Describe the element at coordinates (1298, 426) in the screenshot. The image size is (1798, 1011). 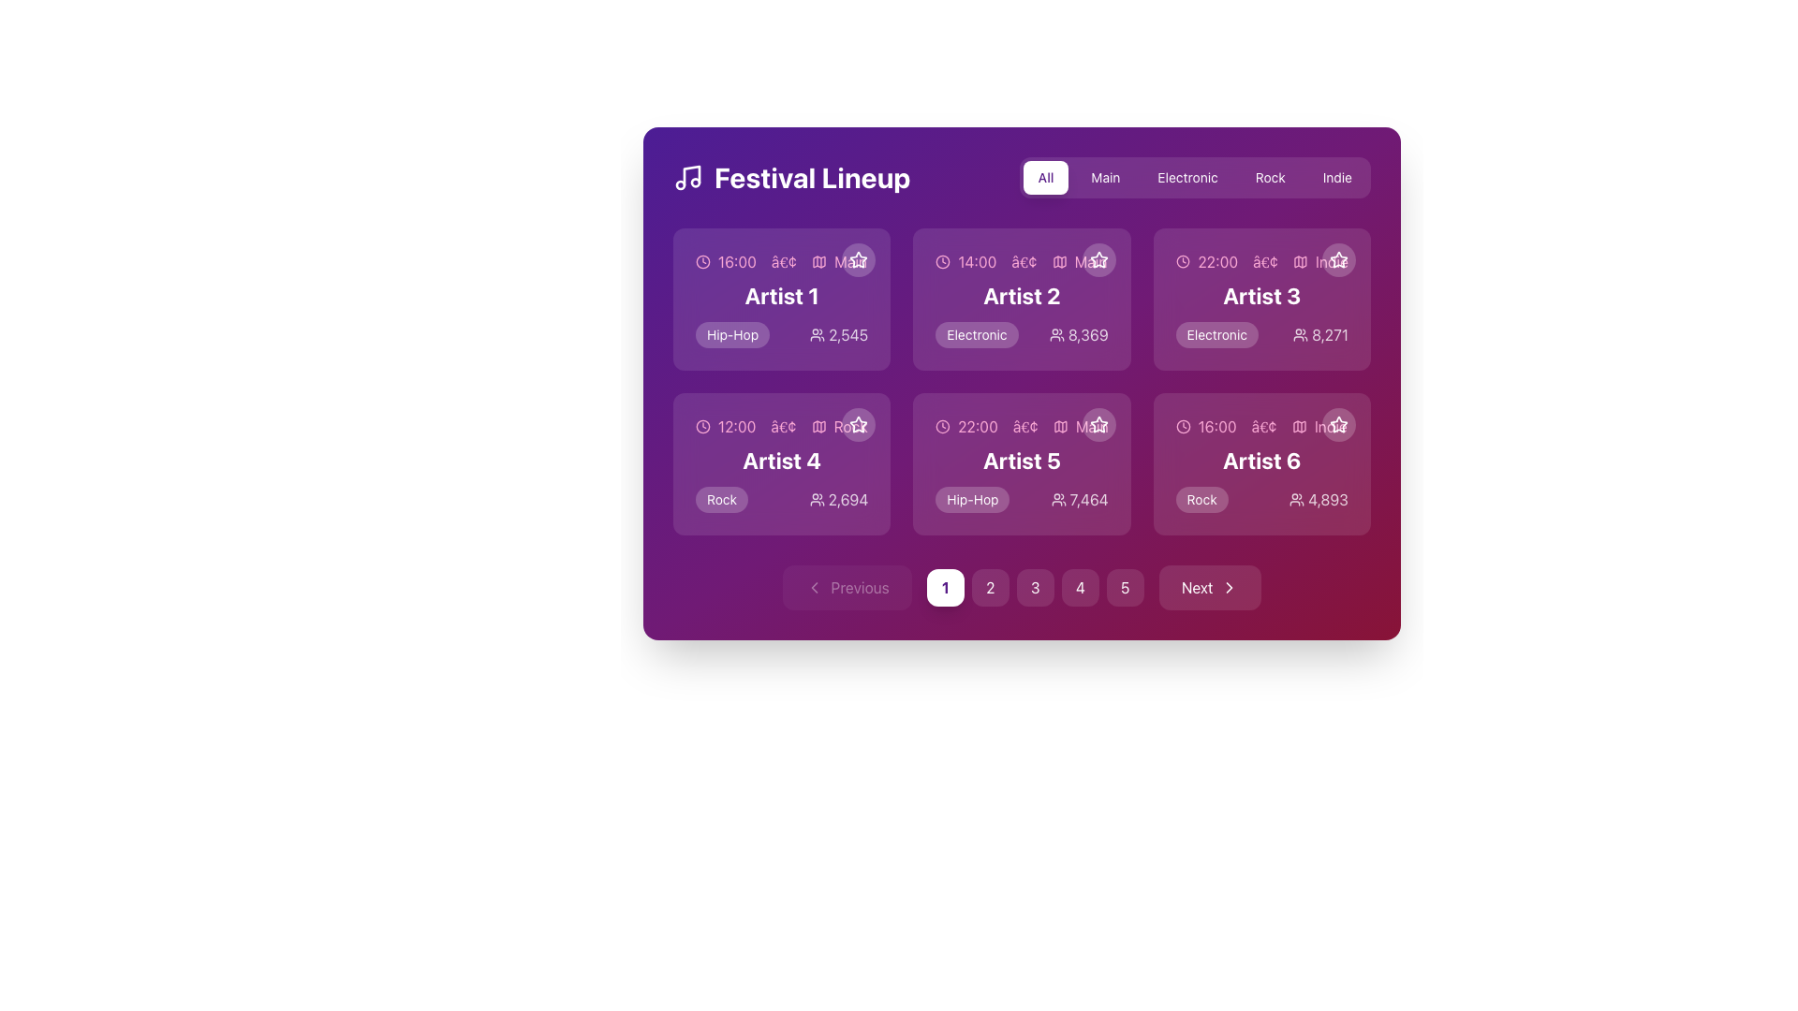
I see `the graphical representation of the Map Icon, which is a minimalistic vector graphic located at the bottom right of the 'Artist 6' card, positioned to the right of a bullet point and before the 'Indie' text label` at that location.